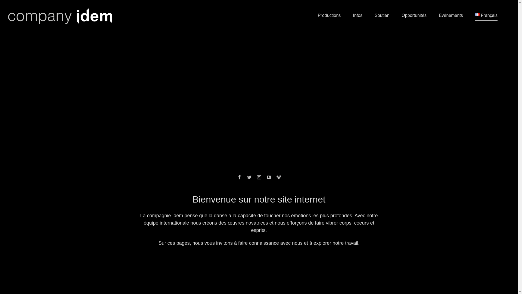 The height and width of the screenshot is (294, 522). I want to click on 'Soutien', so click(382, 15).